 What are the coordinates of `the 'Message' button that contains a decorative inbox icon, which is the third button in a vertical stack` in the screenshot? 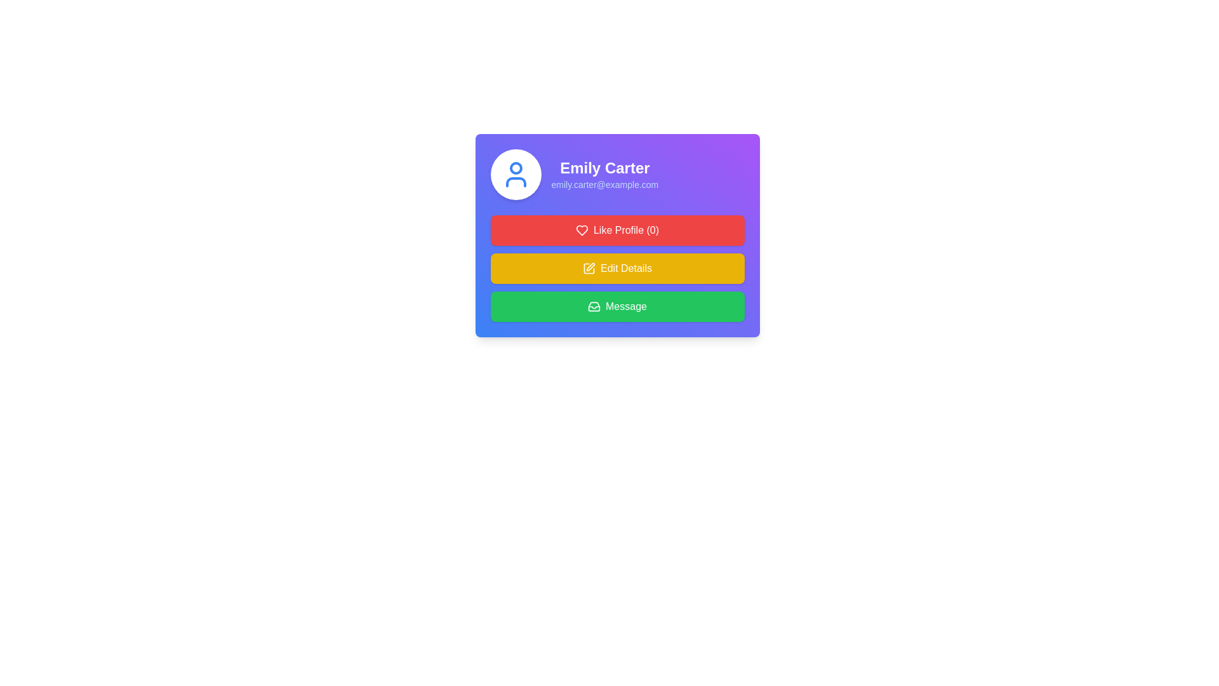 It's located at (594, 306).